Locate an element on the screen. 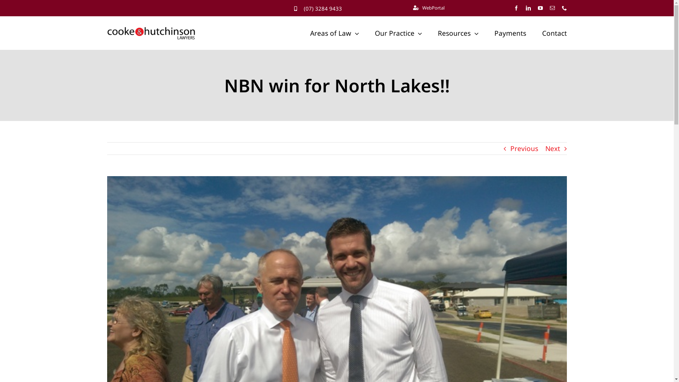 This screenshot has height=382, width=679. 'Previous' is located at coordinates (510, 148).